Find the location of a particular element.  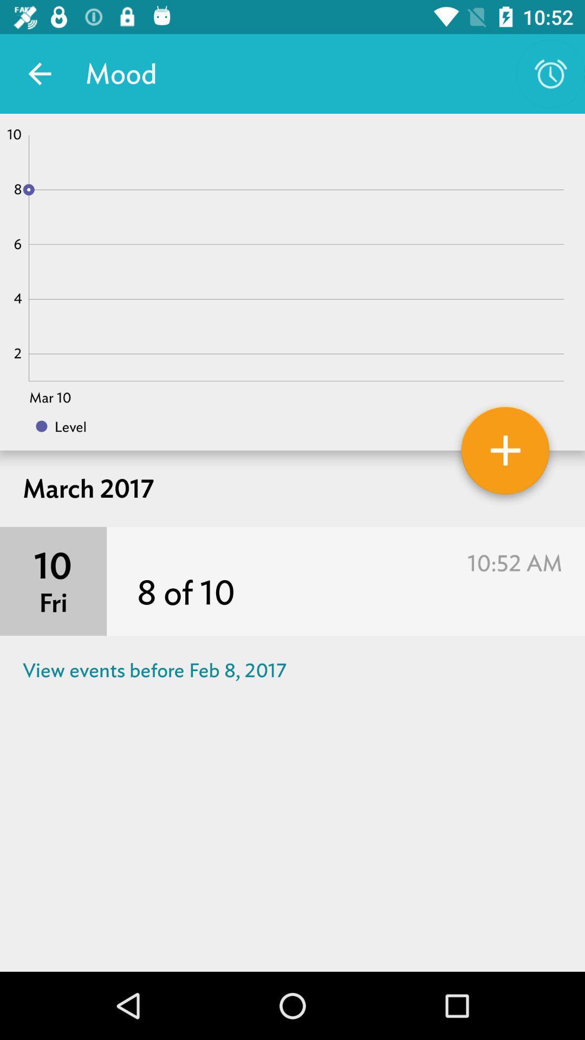

go back is located at coordinates (39, 73).